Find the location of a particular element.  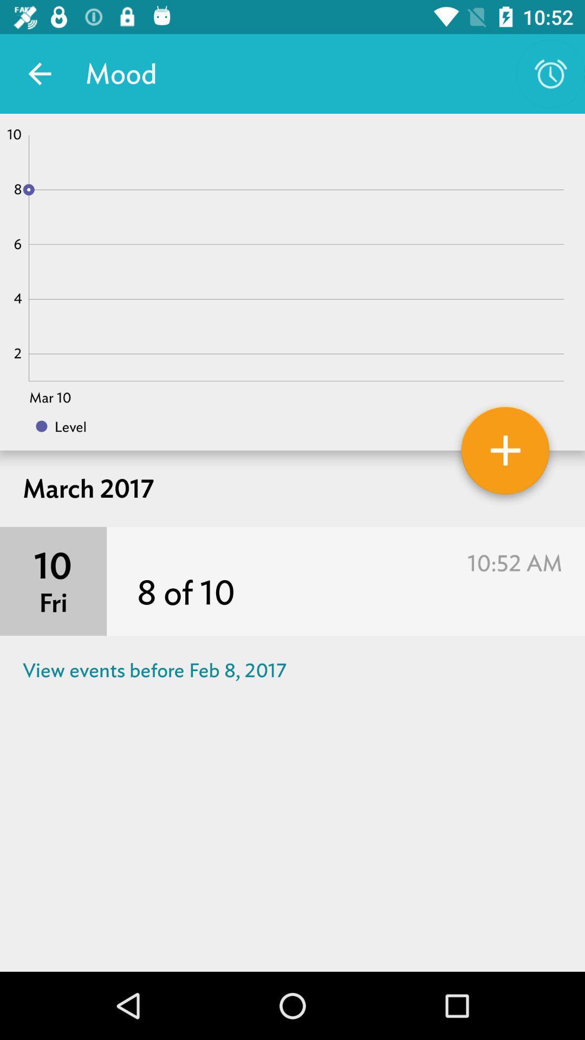

go back is located at coordinates (39, 73).